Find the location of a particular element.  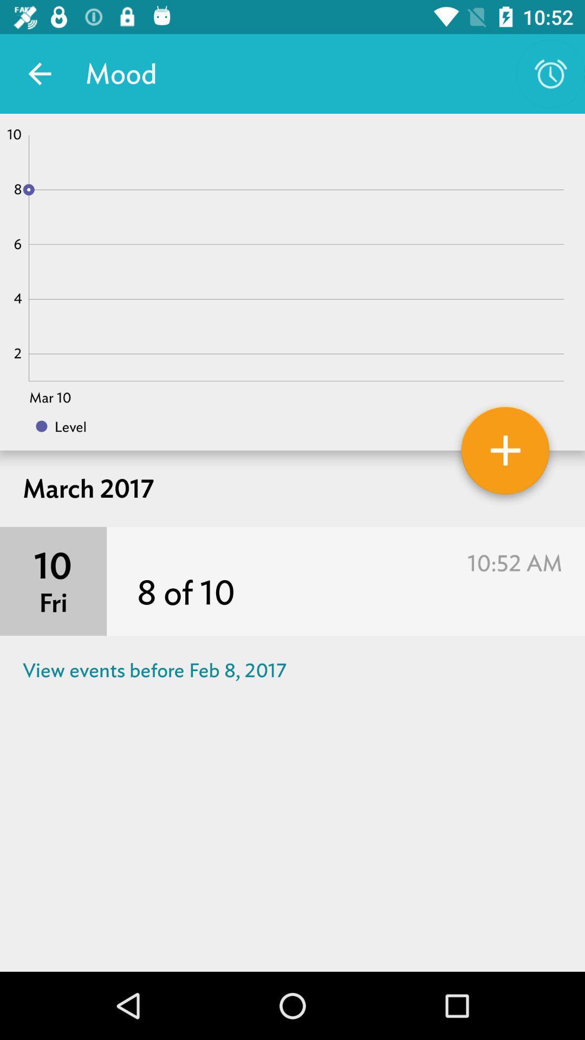

go back is located at coordinates (39, 73).